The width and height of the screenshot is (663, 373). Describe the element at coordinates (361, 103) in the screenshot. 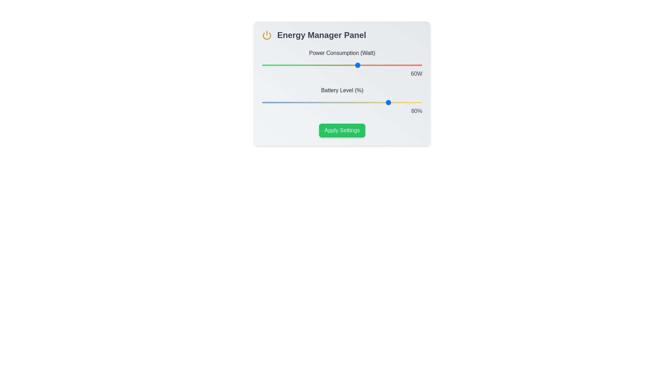

I see `the battery level slider to 62%` at that location.